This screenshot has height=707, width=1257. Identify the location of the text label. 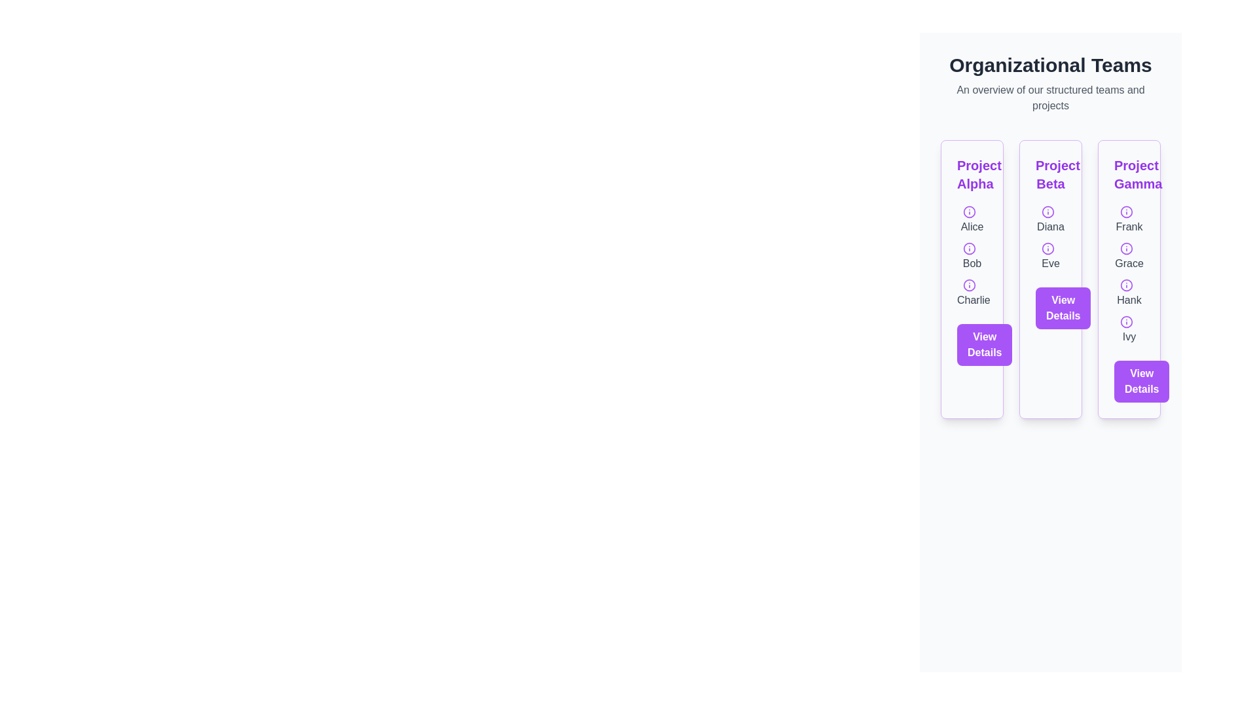
(972, 255).